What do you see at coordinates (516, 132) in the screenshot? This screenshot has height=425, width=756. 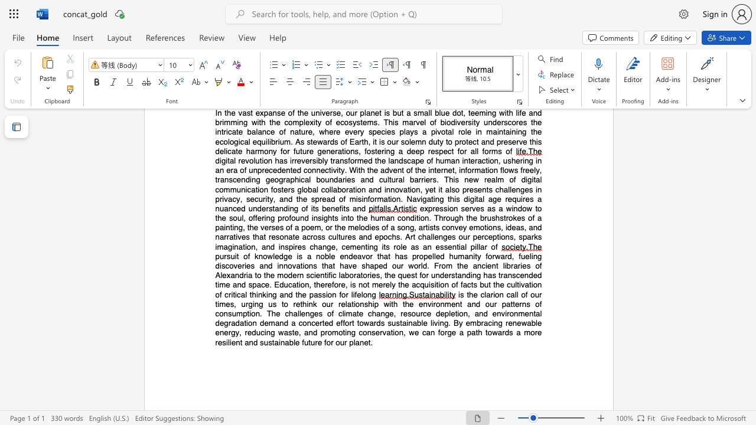 I see `the subset text "in" within the text "maintaining"` at bounding box center [516, 132].